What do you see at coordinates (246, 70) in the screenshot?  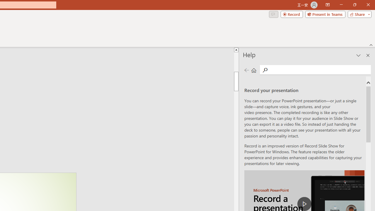 I see `'Previous page'` at bounding box center [246, 70].